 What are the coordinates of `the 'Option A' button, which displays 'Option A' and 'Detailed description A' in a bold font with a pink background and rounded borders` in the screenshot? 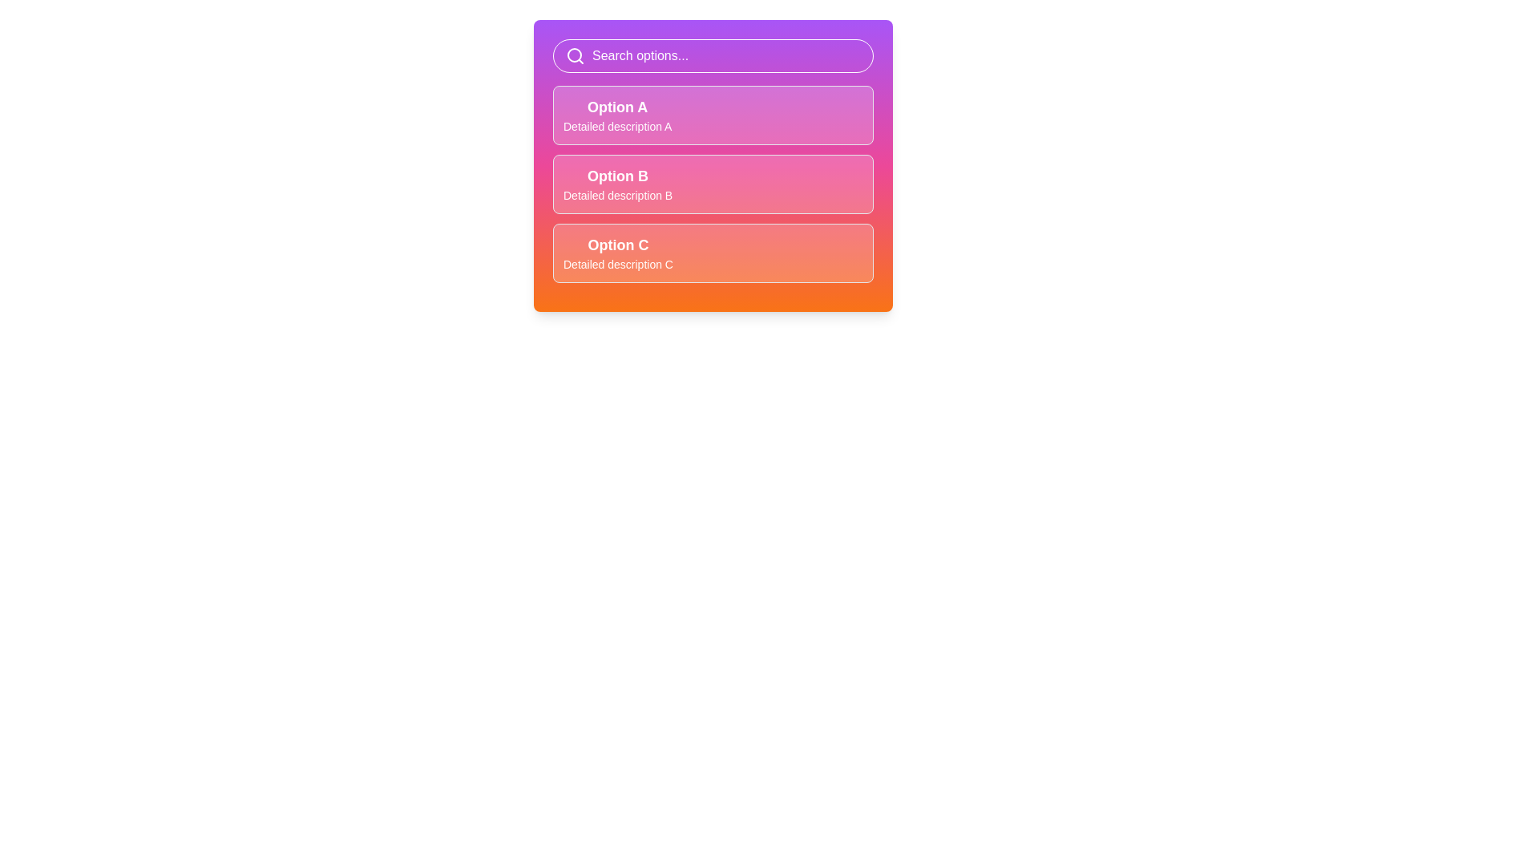 It's located at (712, 114).